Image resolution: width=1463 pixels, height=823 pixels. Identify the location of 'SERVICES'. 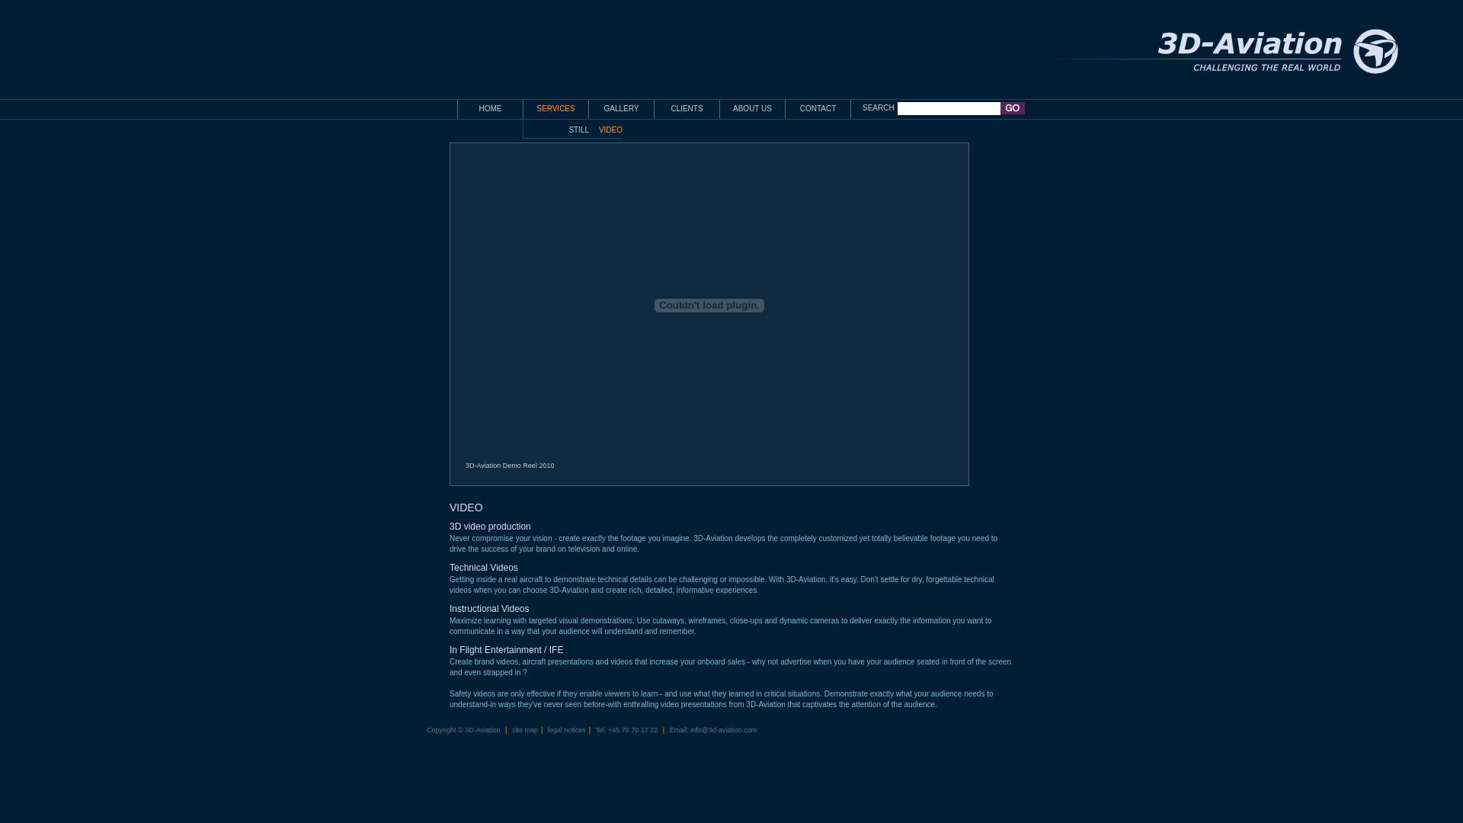
(555, 108).